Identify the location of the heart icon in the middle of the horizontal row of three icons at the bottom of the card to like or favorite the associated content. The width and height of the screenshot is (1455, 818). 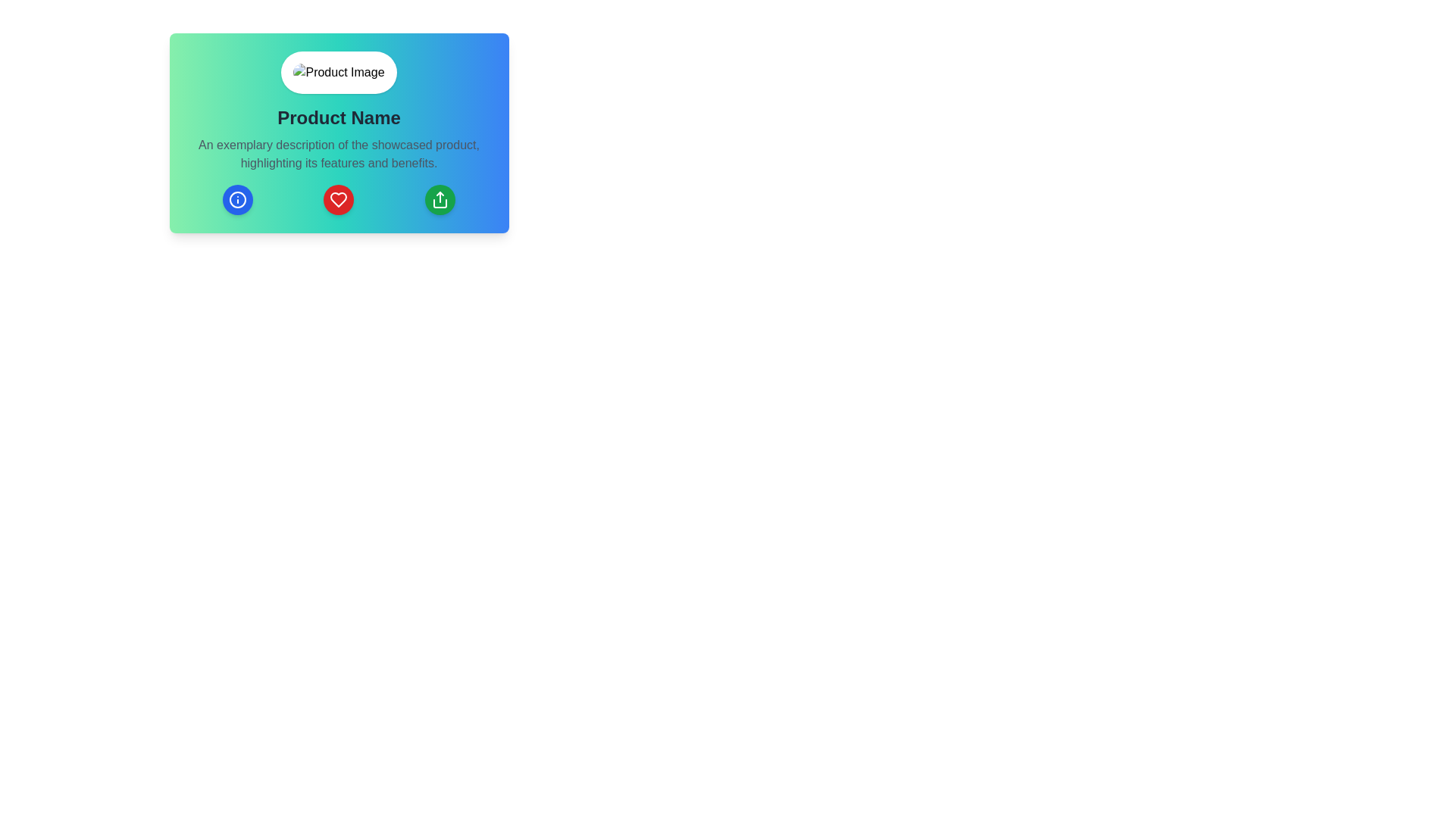
(338, 198).